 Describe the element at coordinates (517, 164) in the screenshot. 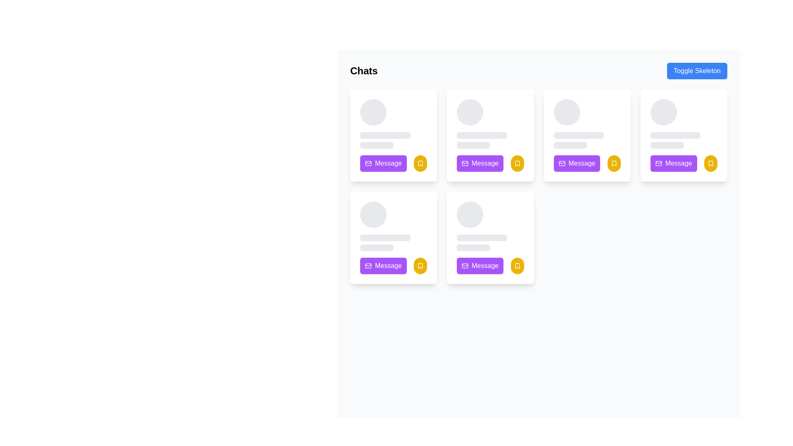

I see `the yellow bookmark-like icon located at the bottom right of the third card in the top row of the grid to bookmark the card` at that location.